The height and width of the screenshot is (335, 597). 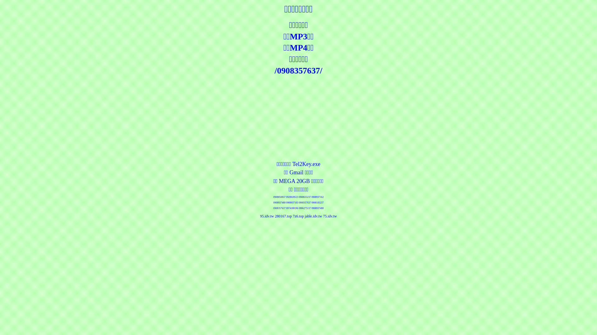 I want to click on '0908633237', so click(x=305, y=197).